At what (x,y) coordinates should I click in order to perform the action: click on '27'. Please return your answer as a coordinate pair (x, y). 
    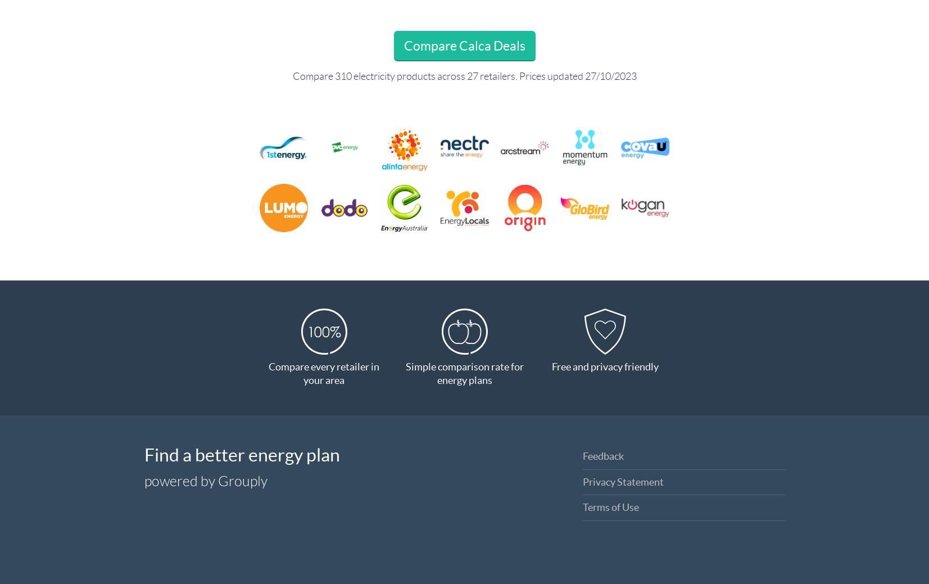
    Looking at the image, I should click on (472, 76).